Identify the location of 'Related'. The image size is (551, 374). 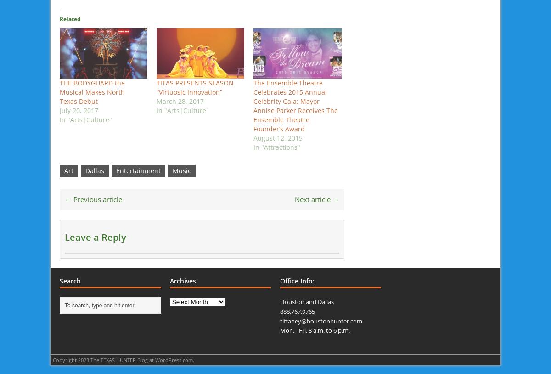
(70, 18).